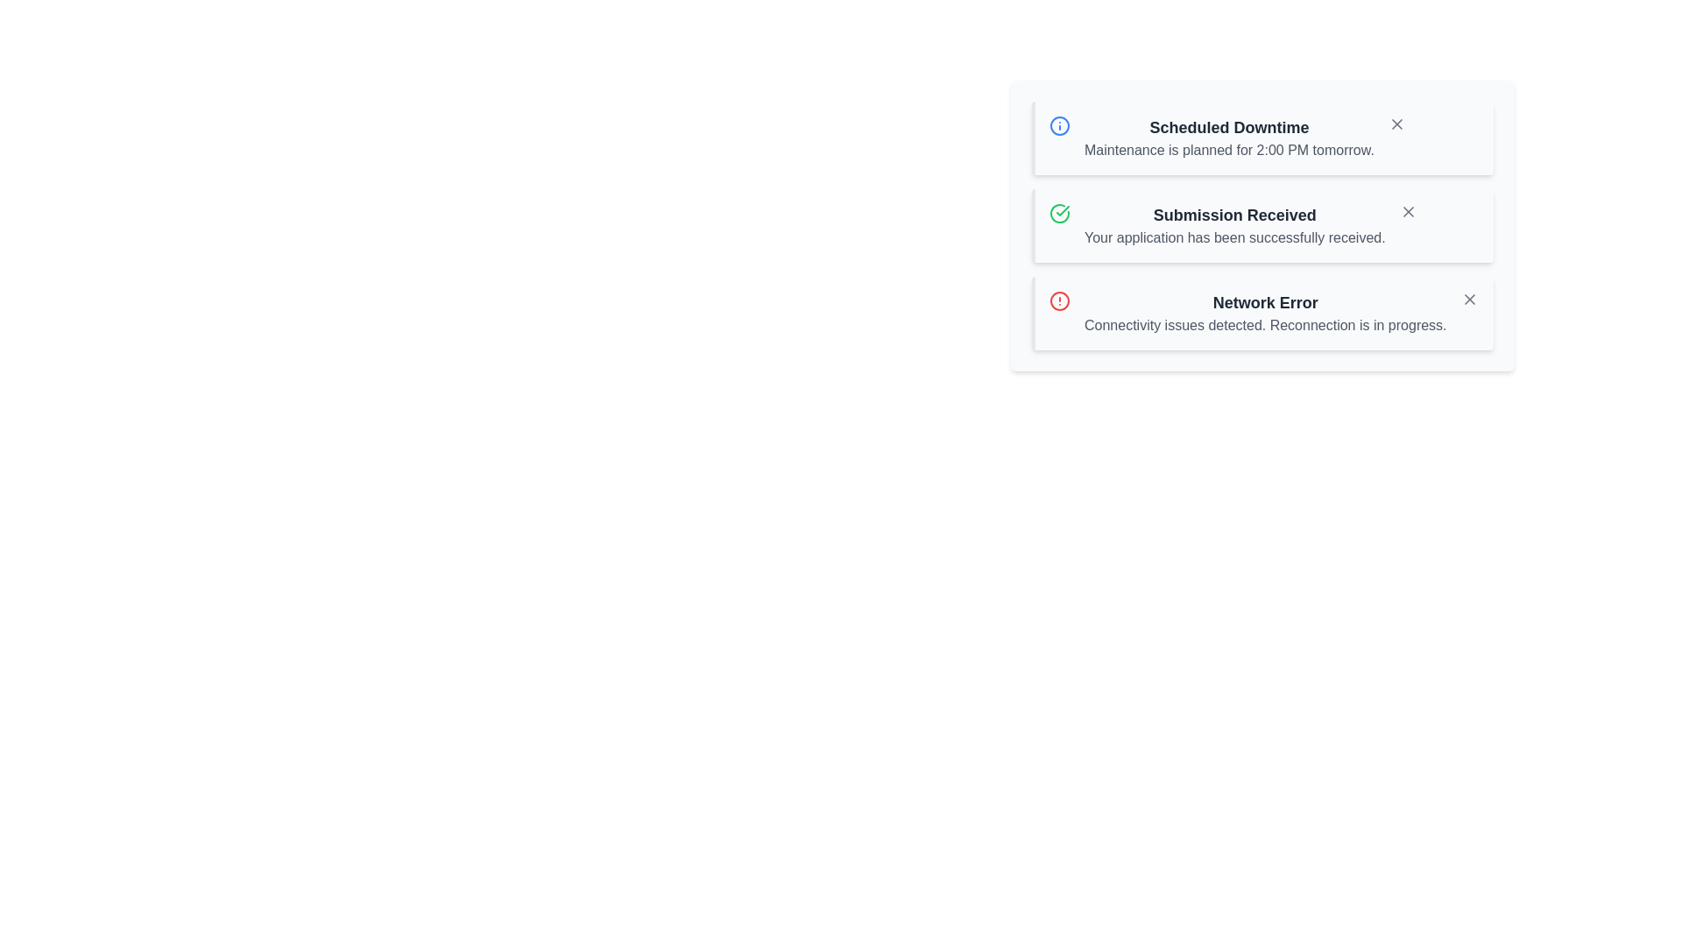  What do you see at coordinates (1058, 212) in the screenshot?
I see `the green circular check mark icon located to the left of the 'Submission Received' text in the notification block` at bounding box center [1058, 212].